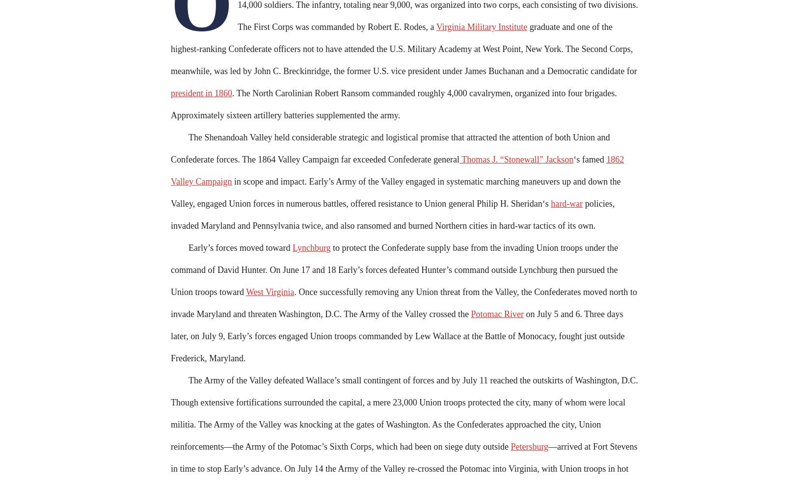  I want to click on 'Virginia Military Institute', so click(481, 27).